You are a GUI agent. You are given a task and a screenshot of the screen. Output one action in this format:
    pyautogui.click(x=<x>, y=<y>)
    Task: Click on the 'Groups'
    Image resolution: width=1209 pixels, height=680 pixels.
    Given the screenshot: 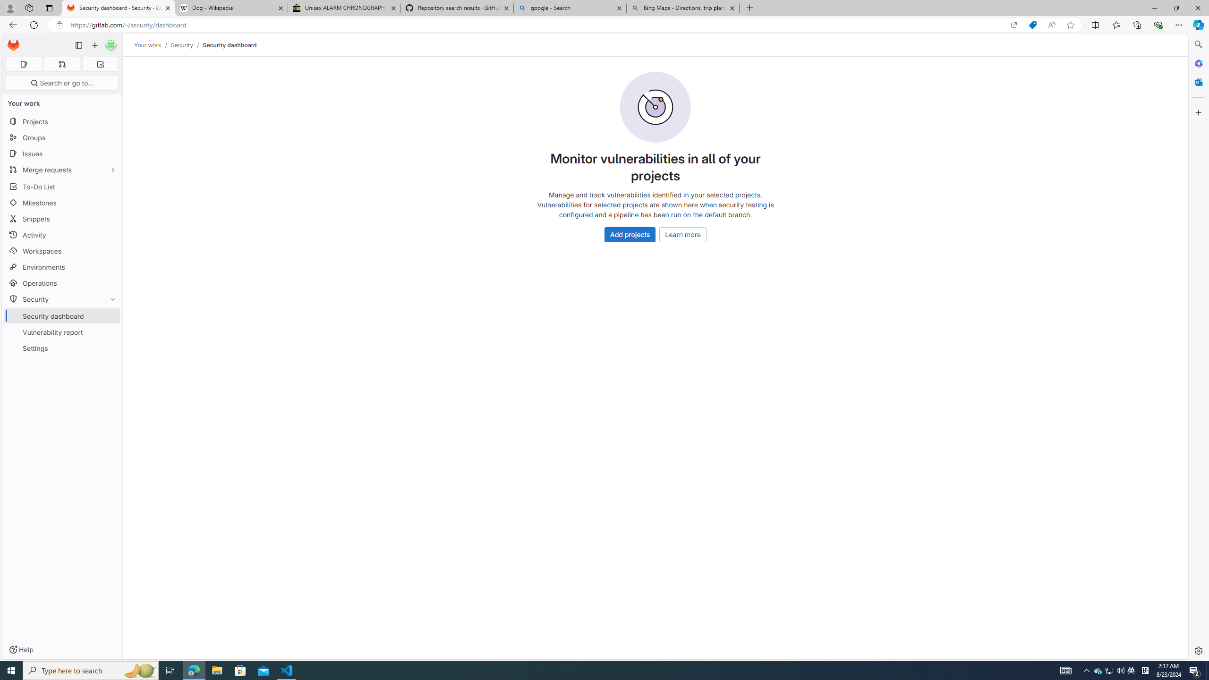 What is the action you would take?
    pyautogui.click(x=61, y=137)
    